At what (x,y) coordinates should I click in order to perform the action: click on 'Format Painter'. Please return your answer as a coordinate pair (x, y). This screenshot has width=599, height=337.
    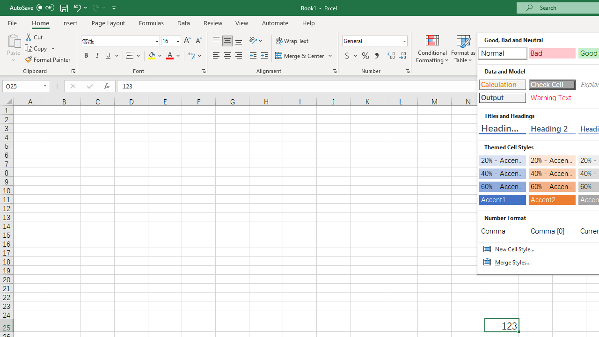
    Looking at the image, I should click on (48, 59).